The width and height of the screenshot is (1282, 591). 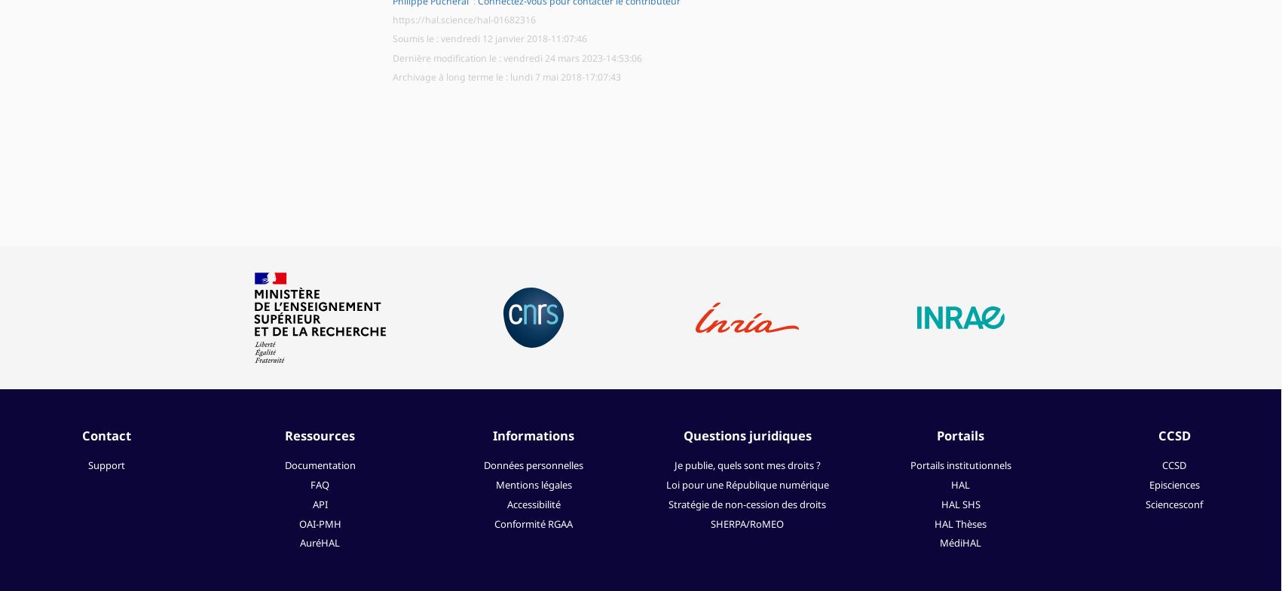 What do you see at coordinates (747, 503) in the screenshot?
I see `'Stratégie de non-cession des droits'` at bounding box center [747, 503].